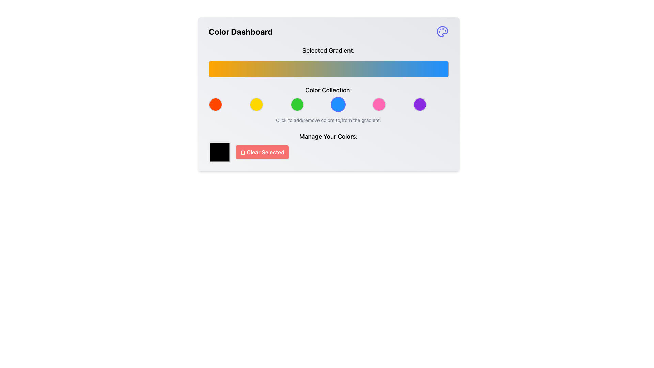 Image resolution: width=654 pixels, height=368 pixels. Describe the element at coordinates (328, 105) in the screenshot. I see `a color swatch in the 'Color Collection:' section` at that location.